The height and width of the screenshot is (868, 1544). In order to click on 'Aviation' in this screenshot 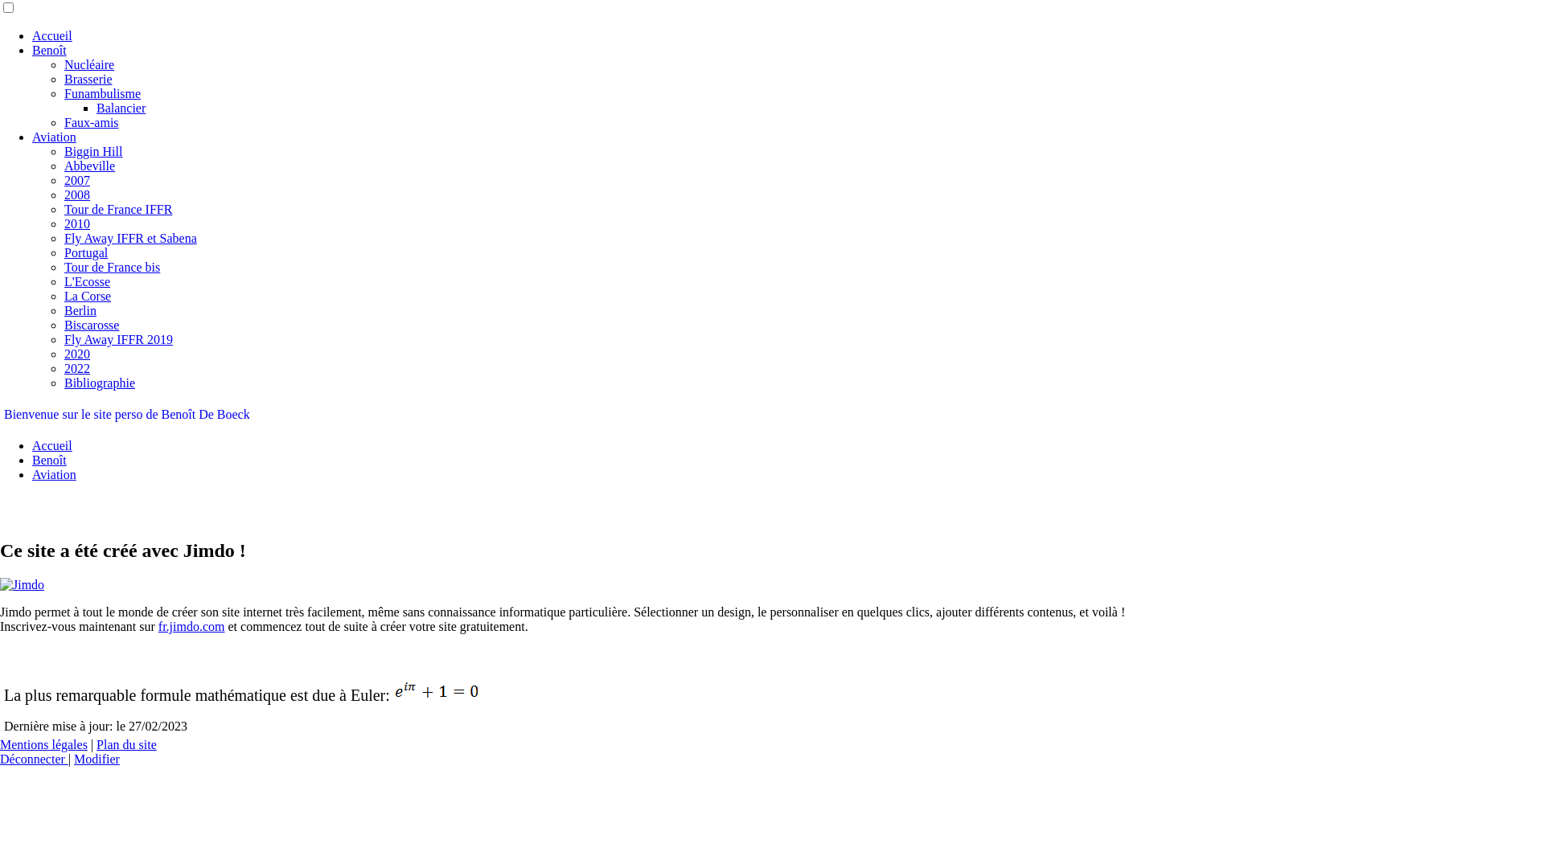, I will do `click(54, 473)`.